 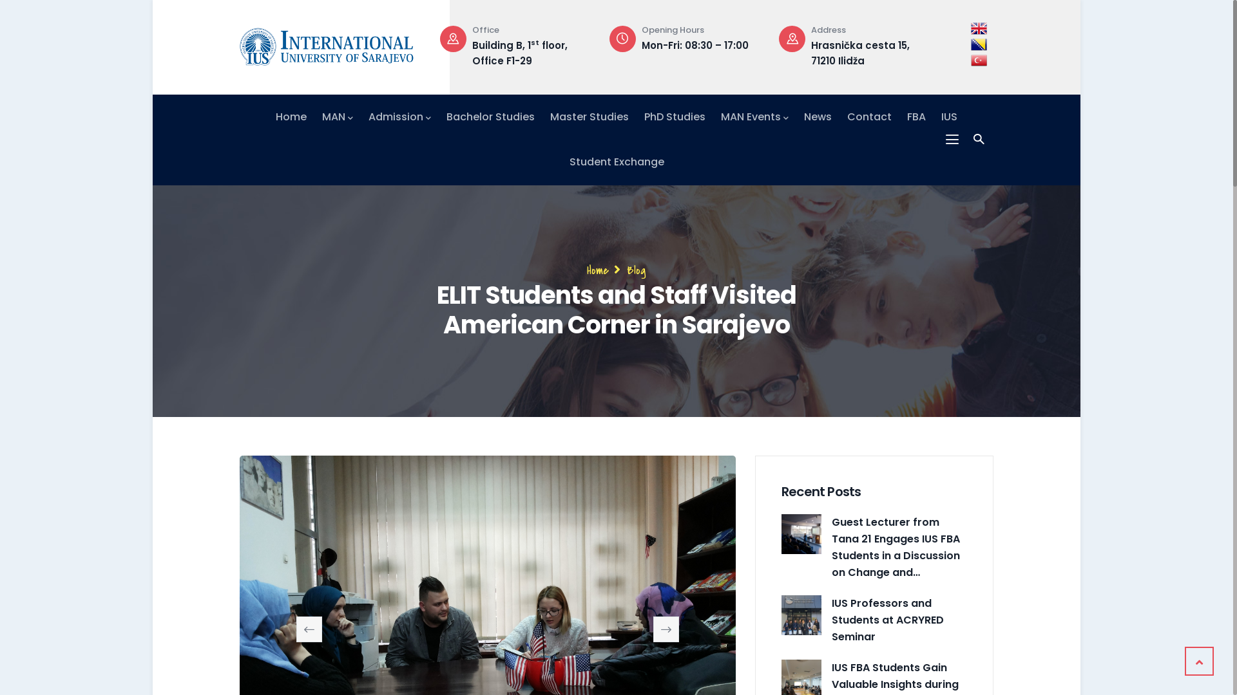 I want to click on 'FBA', so click(x=916, y=116).